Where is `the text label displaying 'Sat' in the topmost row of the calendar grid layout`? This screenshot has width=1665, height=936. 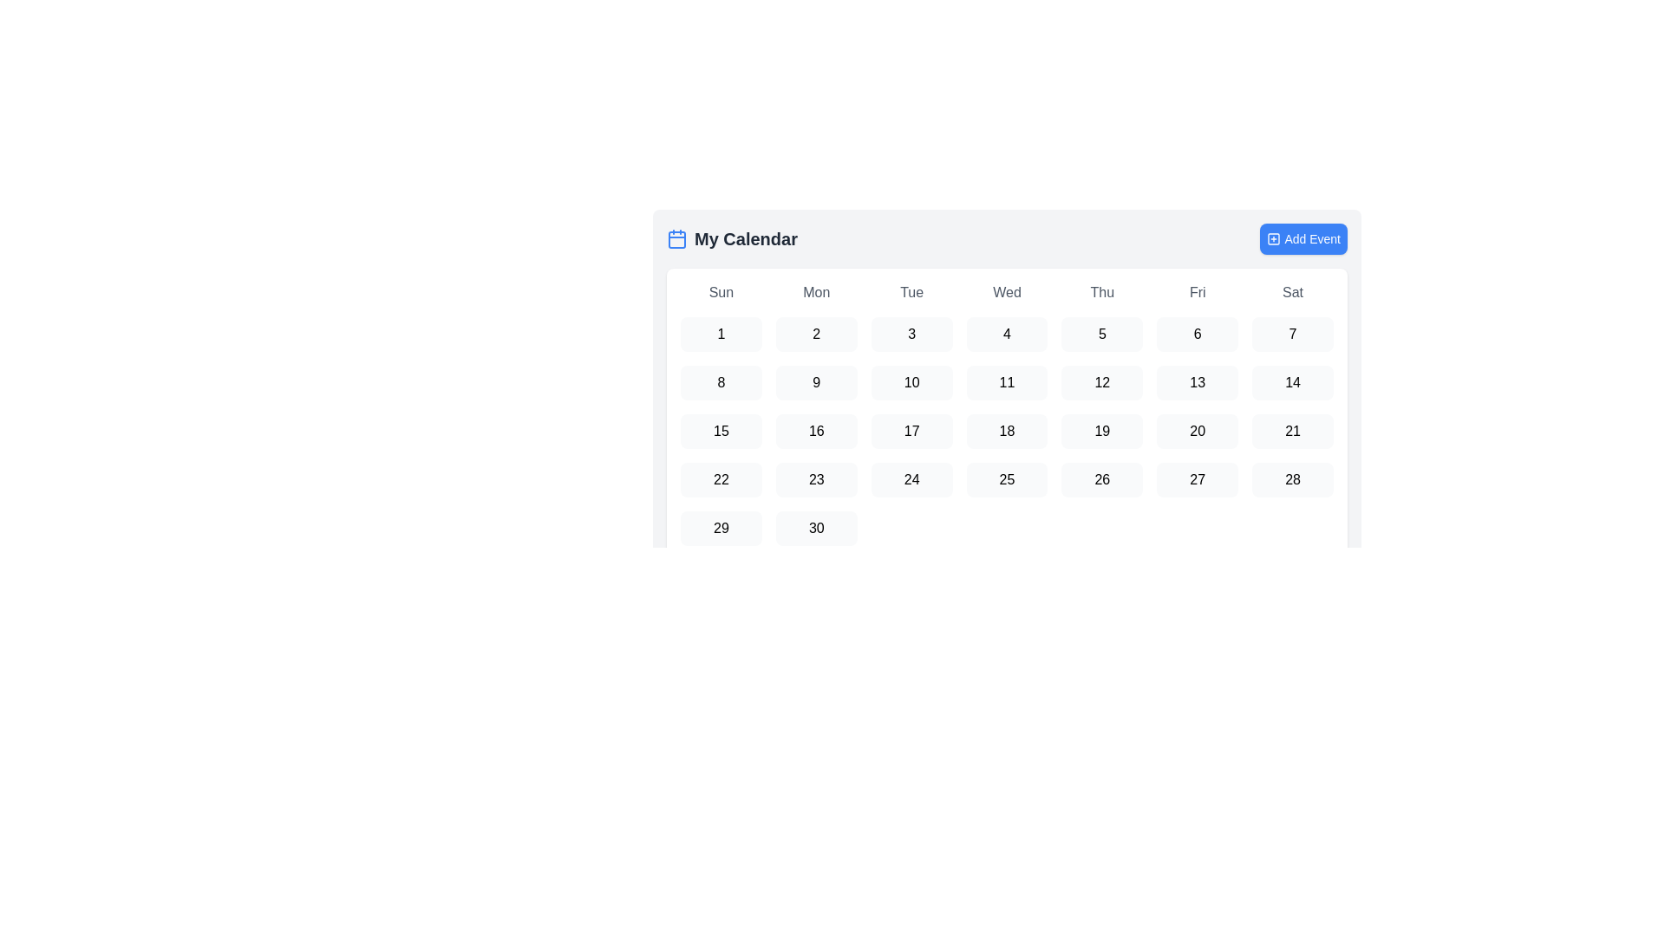 the text label displaying 'Sat' in the topmost row of the calendar grid layout is located at coordinates (1293, 292).